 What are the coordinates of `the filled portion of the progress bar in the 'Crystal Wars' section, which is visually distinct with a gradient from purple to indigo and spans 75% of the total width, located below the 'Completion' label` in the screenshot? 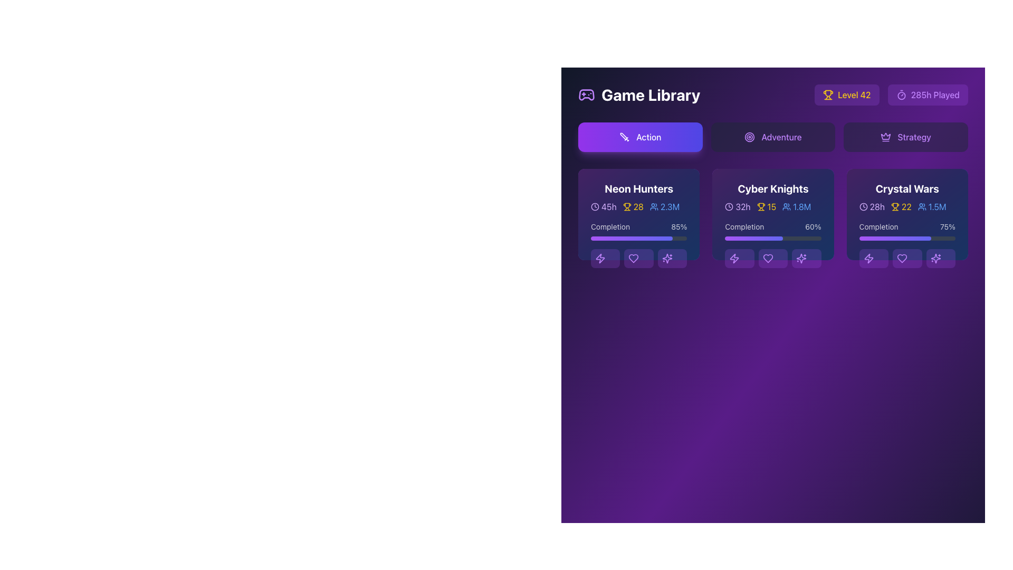 It's located at (895, 238).